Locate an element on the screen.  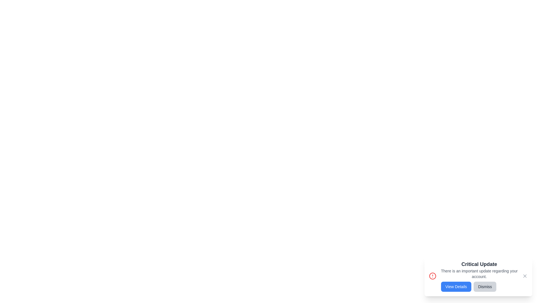
the 'View Details' button to view more information is located at coordinates (456, 287).